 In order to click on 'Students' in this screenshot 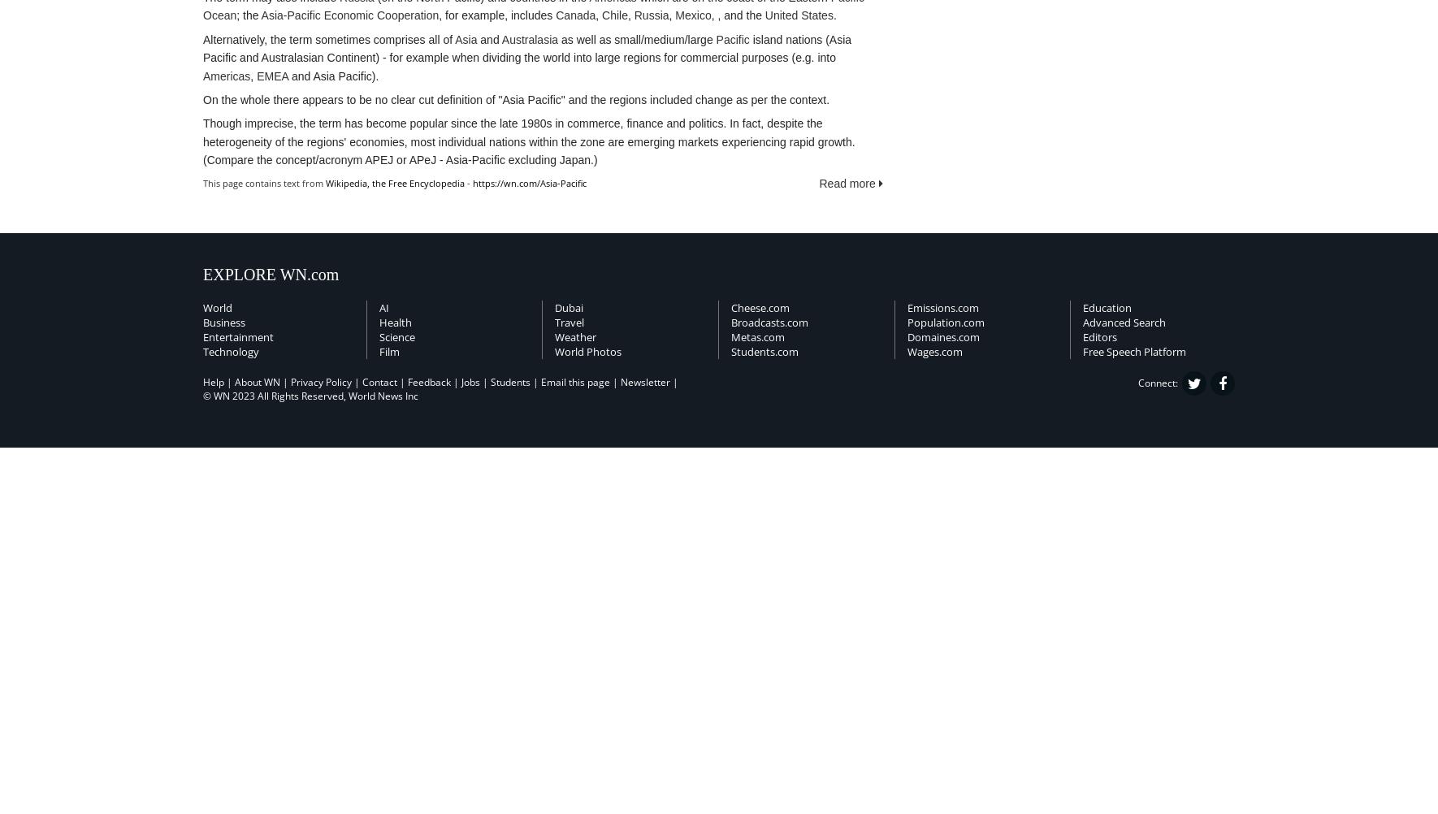, I will do `click(509, 381)`.